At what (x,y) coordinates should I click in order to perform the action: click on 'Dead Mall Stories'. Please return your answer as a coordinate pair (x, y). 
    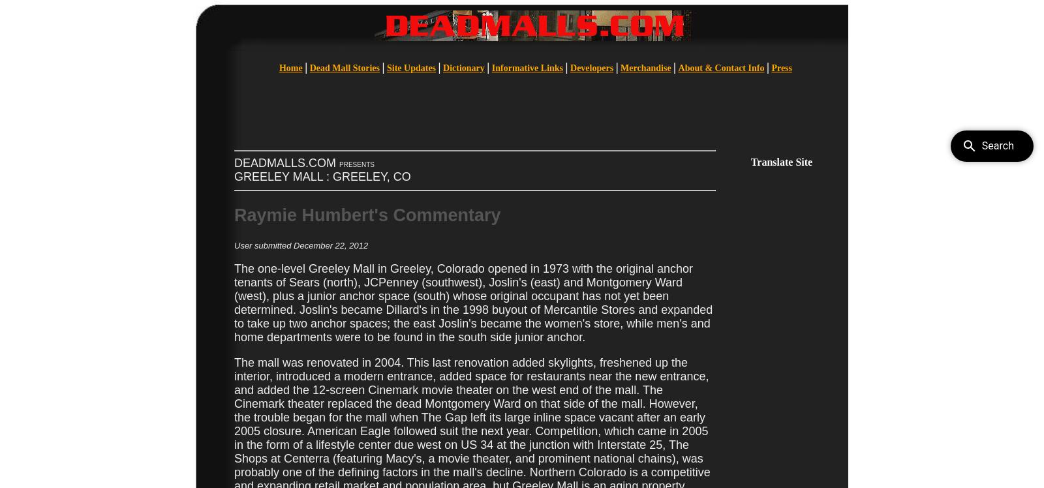
    Looking at the image, I should click on (344, 68).